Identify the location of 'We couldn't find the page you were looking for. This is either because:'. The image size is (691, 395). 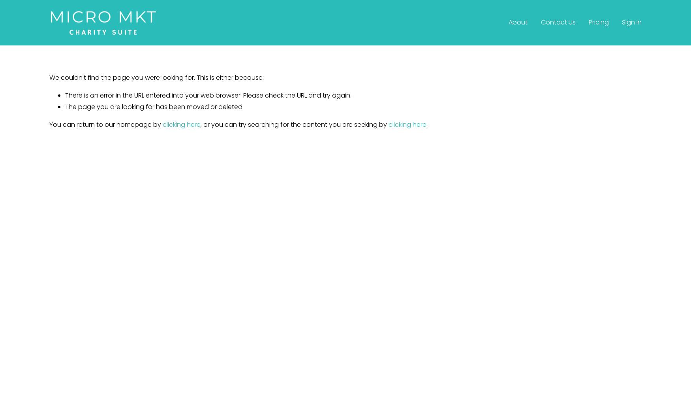
(156, 77).